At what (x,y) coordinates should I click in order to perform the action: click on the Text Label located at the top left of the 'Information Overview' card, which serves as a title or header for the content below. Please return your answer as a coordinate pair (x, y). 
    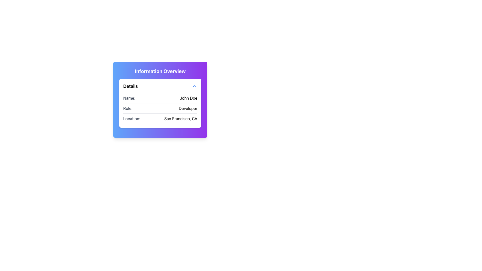
    Looking at the image, I should click on (130, 86).